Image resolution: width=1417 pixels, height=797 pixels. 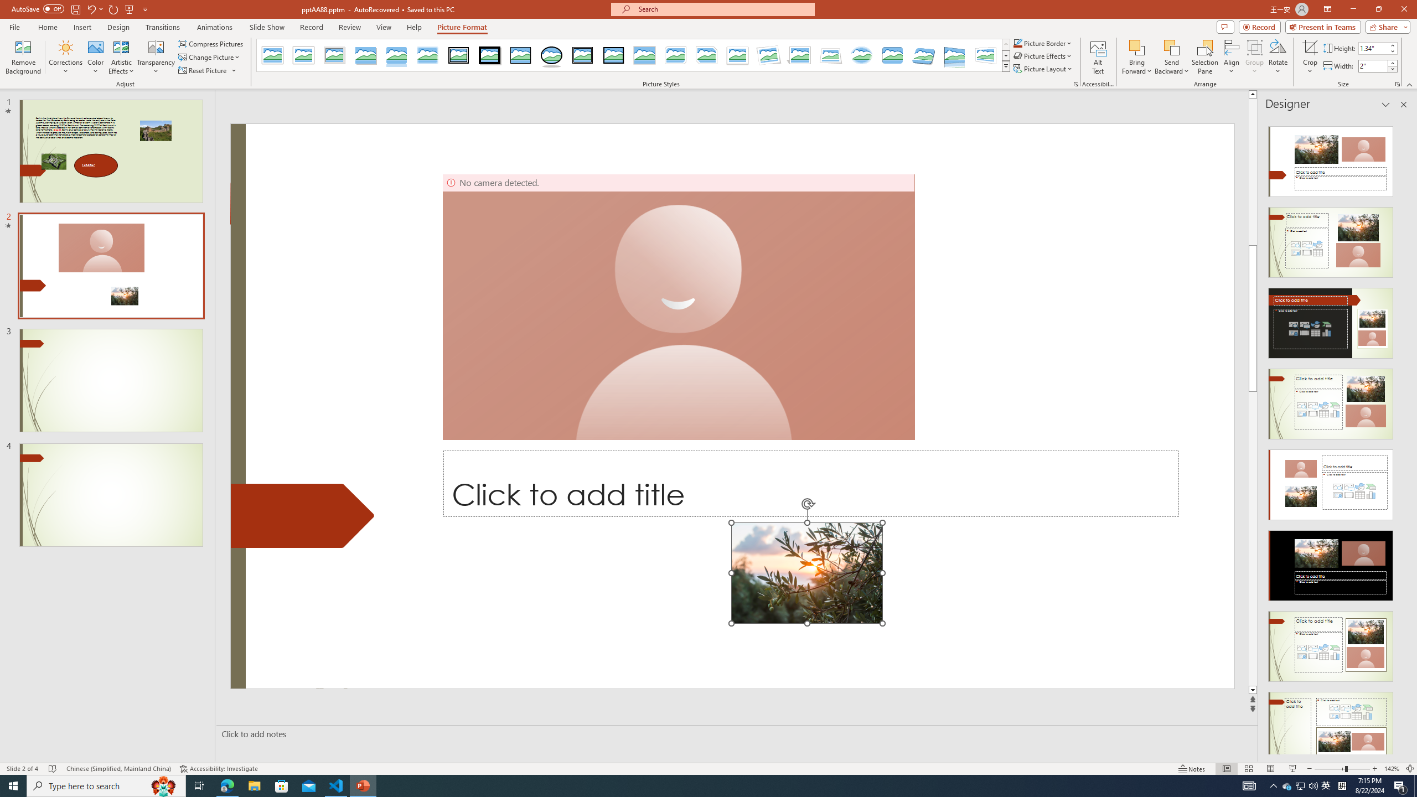 I want to click on 'Quick Styles', so click(x=1006, y=65).